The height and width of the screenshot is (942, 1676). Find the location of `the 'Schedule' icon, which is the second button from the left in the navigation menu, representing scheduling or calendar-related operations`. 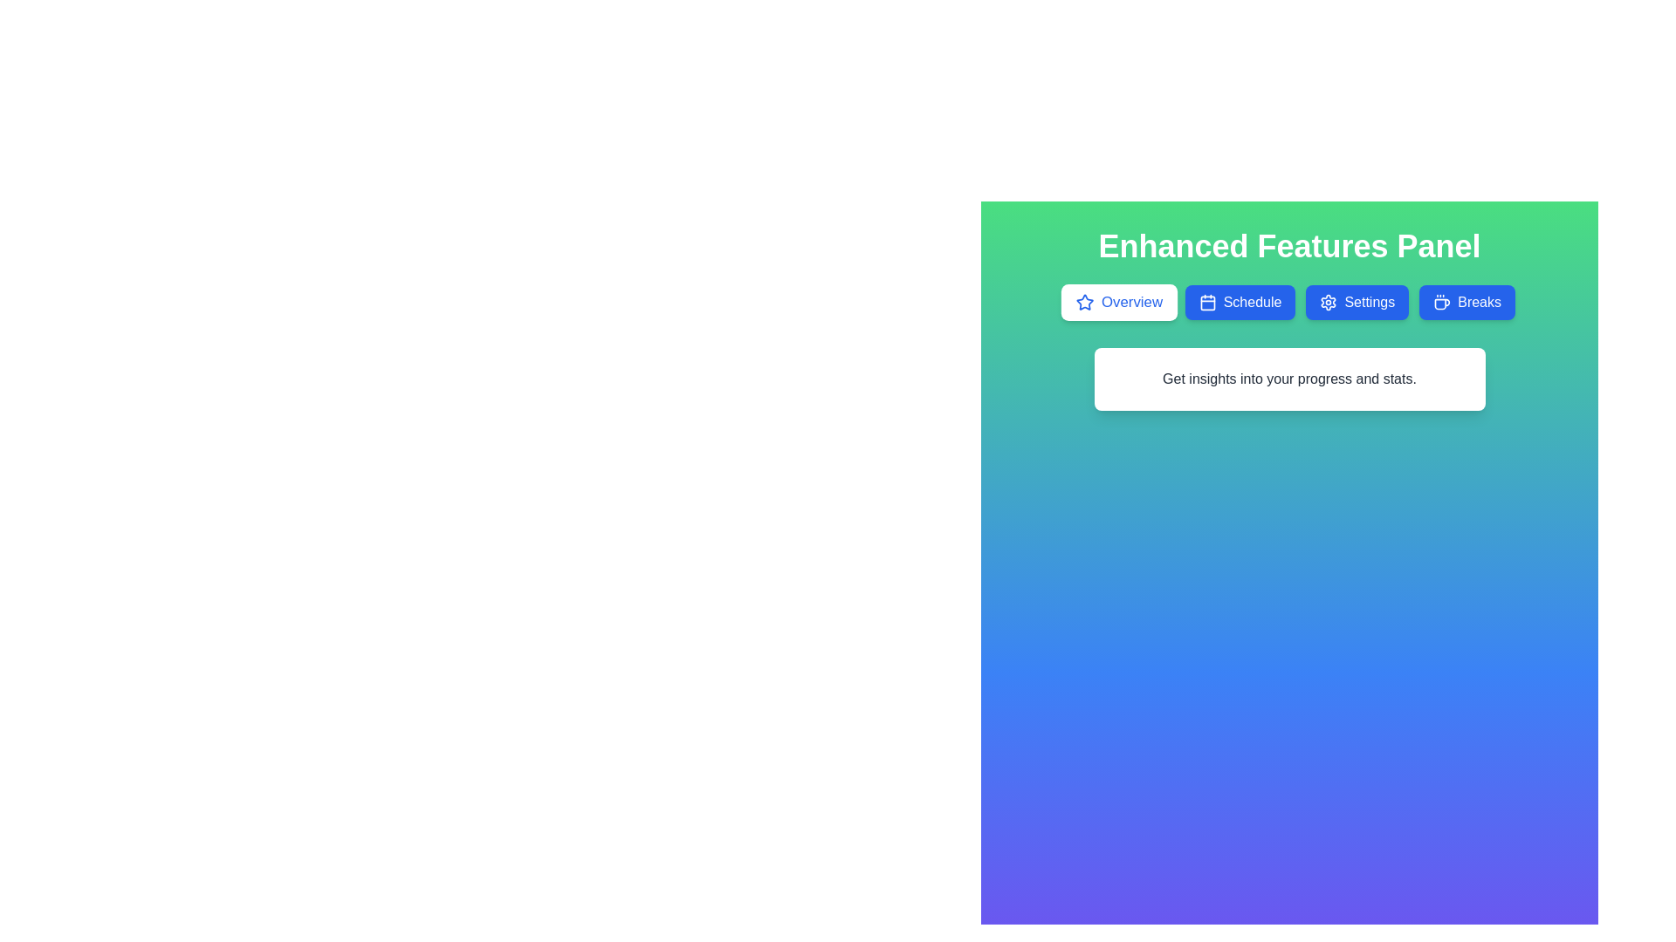

the 'Schedule' icon, which is the second button from the left in the navigation menu, representing scheduling or calendar-related operations is located at coordinates (1206, 302).